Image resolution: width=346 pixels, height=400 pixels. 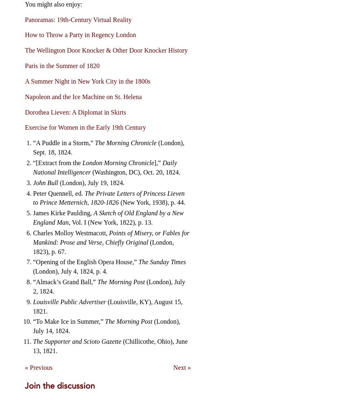 What do you see at coordinates (153, 162) in the screenshot?
I see `'],”'` at bounding box center [153, 162].